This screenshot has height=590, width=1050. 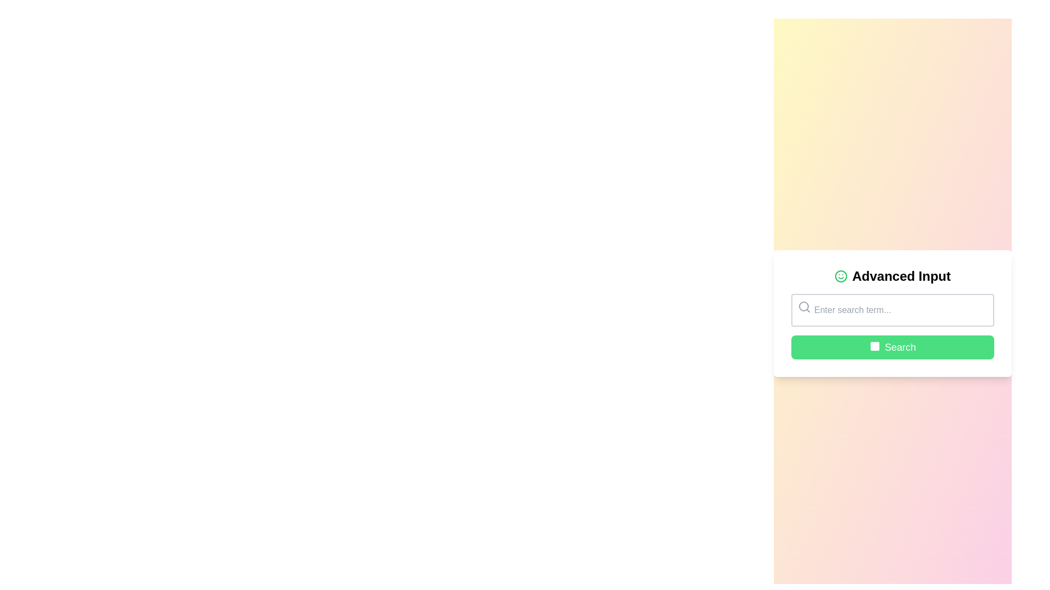 I want to click on the SVG circle representing the search icon located to the left of the input field in the advanced search section, so click(x=803, y=306).